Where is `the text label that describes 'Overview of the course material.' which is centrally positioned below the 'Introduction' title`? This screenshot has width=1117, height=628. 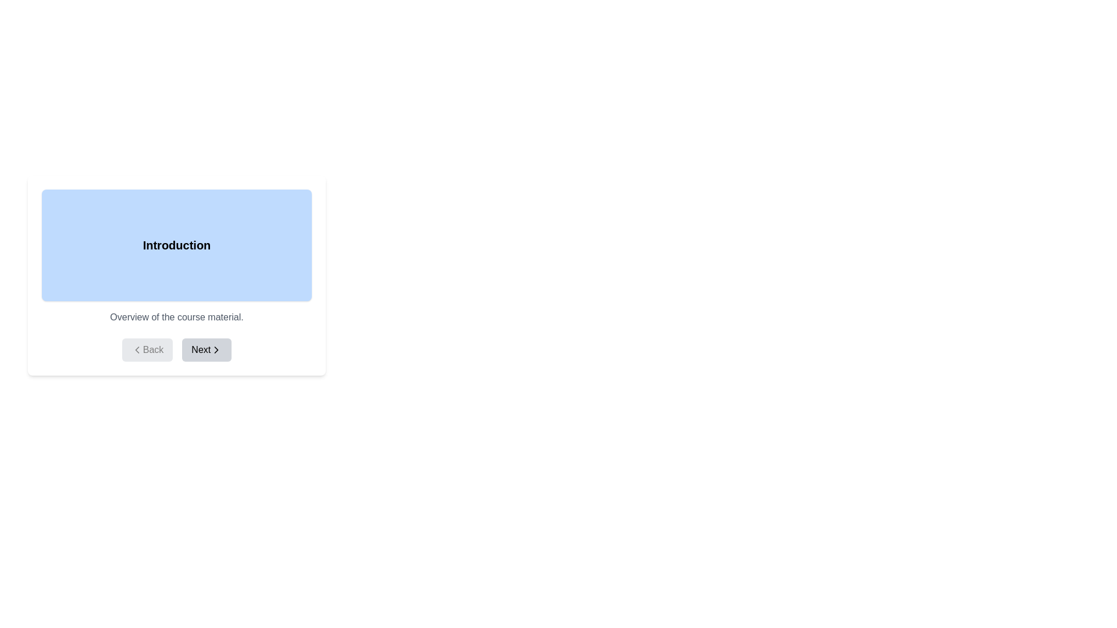
the text label that describes 'Overview of the course material.' which is centrally positioned below the 'Introduction' title is located at coordinates (176, 317).